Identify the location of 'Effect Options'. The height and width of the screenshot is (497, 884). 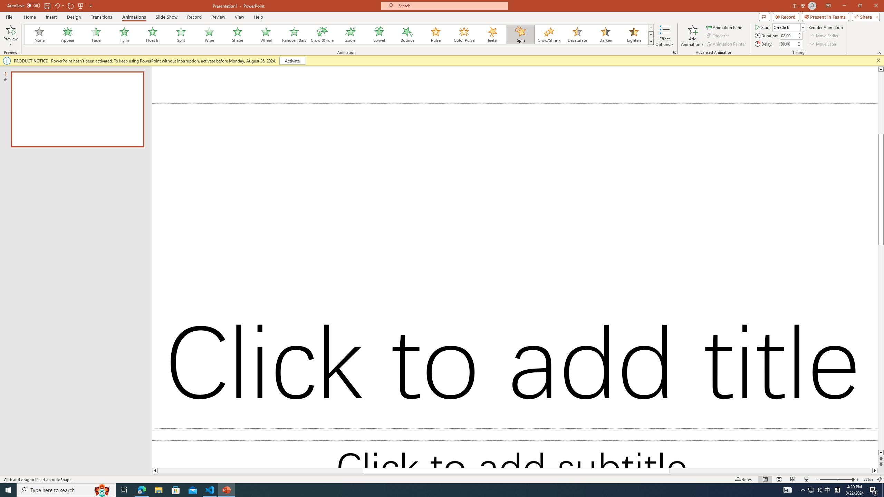
(664, 36).